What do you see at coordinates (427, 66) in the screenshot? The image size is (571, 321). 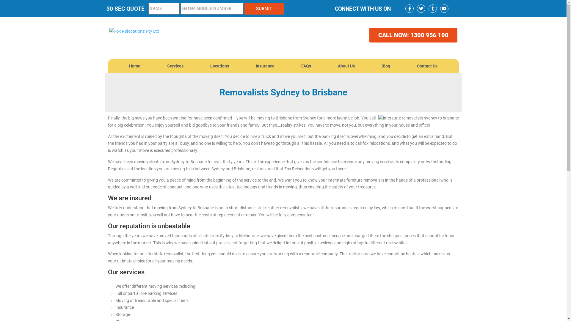 I see `'Contact Us'` at bounding box center [427, 66].